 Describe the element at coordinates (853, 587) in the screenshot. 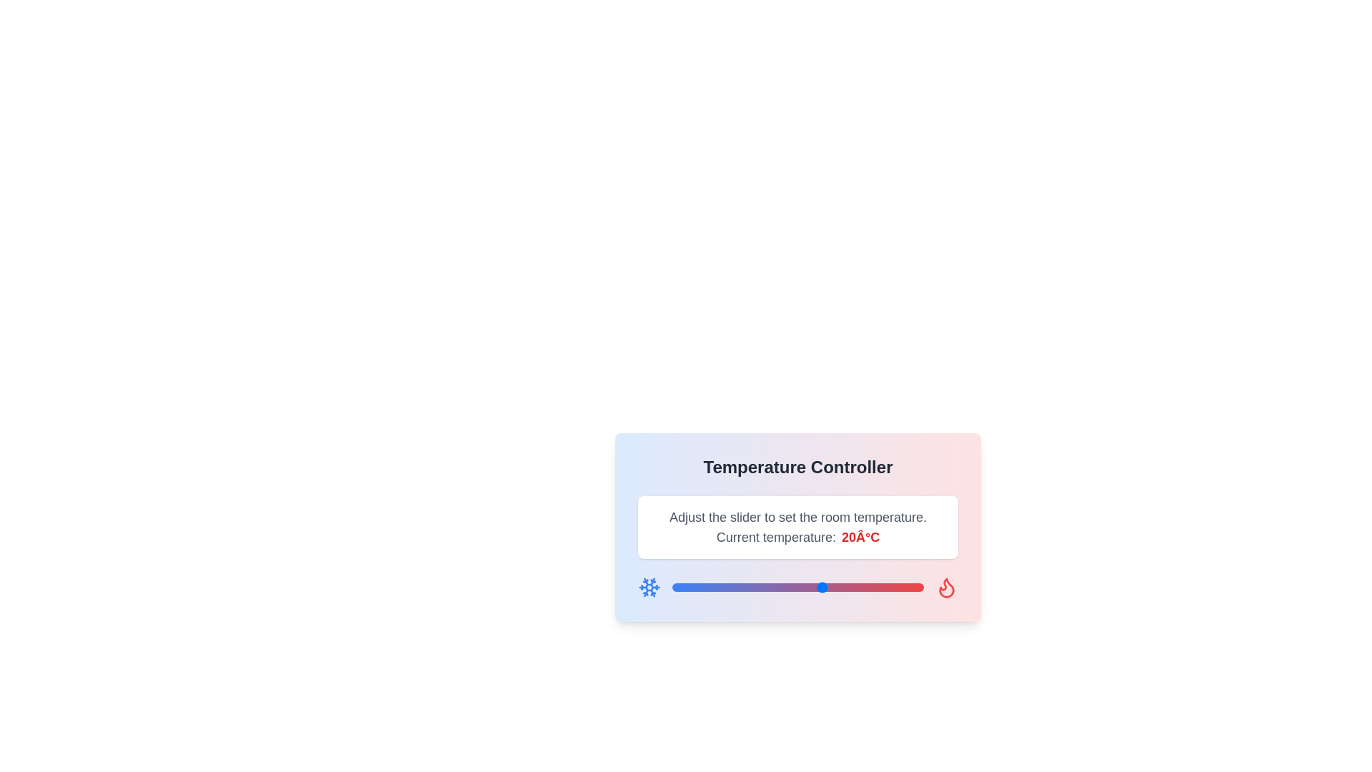

I see `the temperature slider to set the temperature to 26°C` at that location.